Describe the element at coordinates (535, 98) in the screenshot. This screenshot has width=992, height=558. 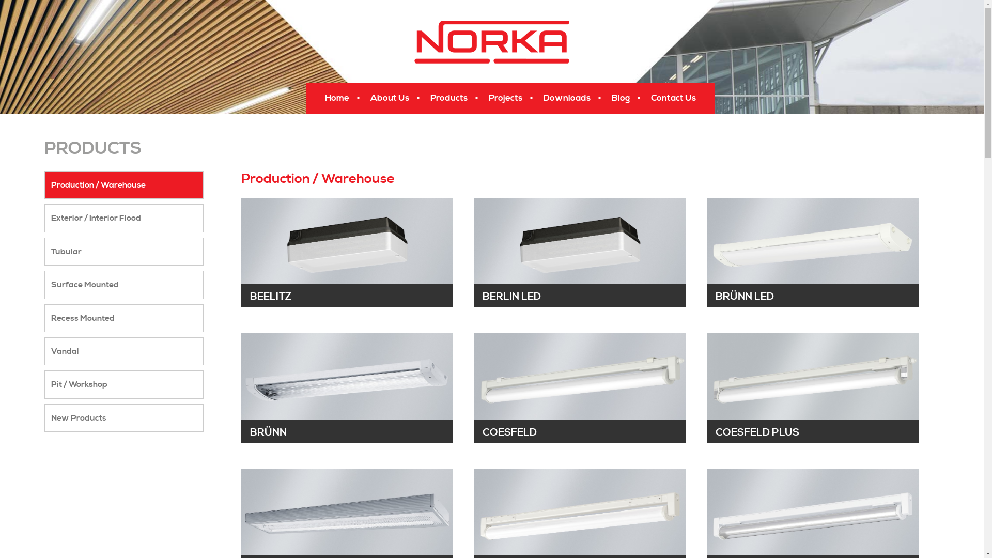
I see `'Downloads'` at that location.